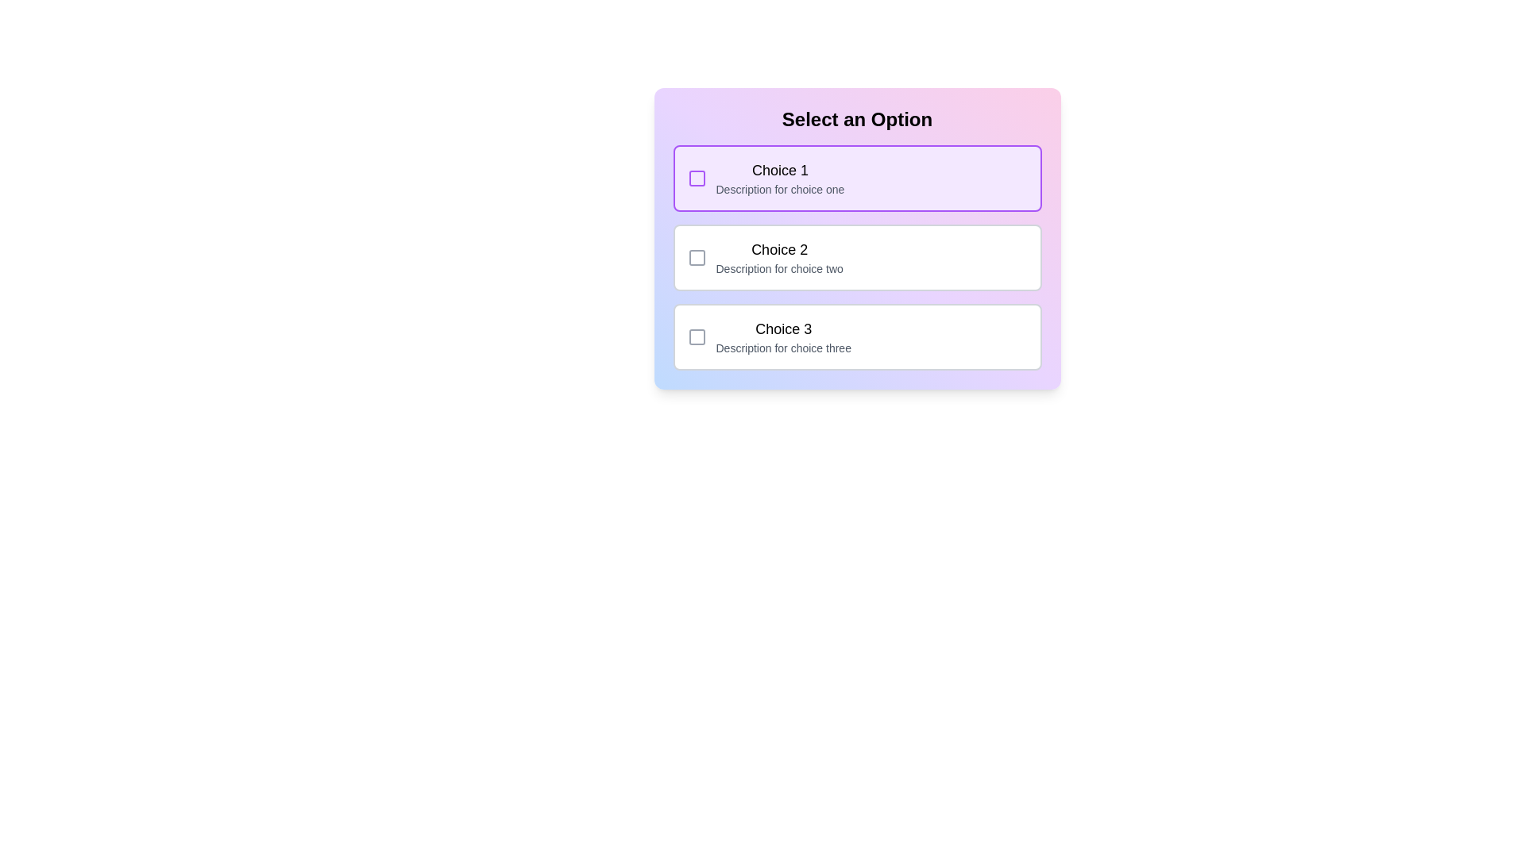 The image size is (1525, 857). I want to click on the third list item option which contains a title and brief description, so click(783, 336).